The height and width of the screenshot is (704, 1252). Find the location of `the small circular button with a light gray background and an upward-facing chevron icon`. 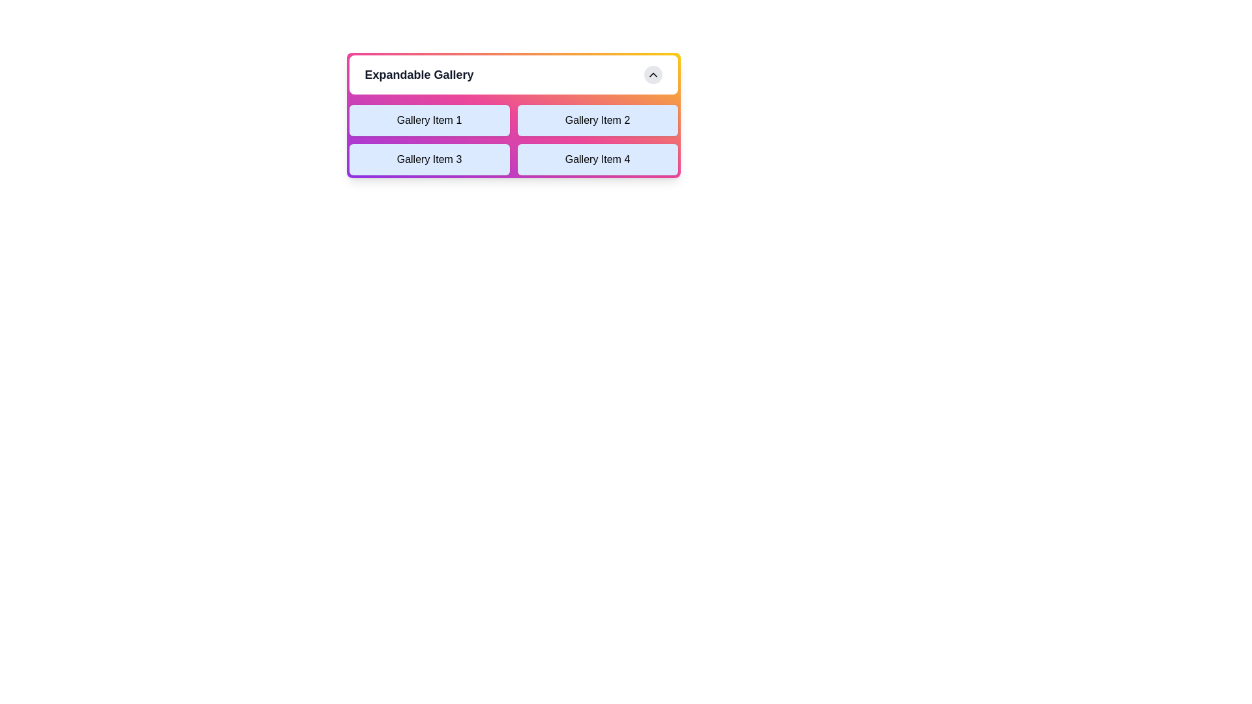

the small circular button with a light gray background and an upward-facing chevron icon is located at coordinates (653, 75).